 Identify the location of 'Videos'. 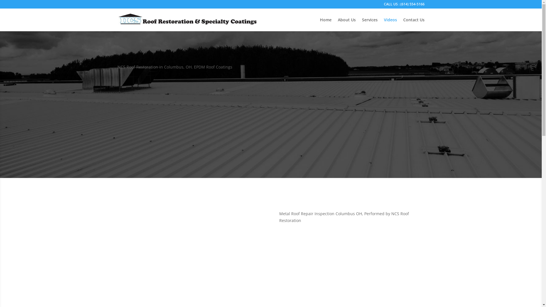
(384, 24).